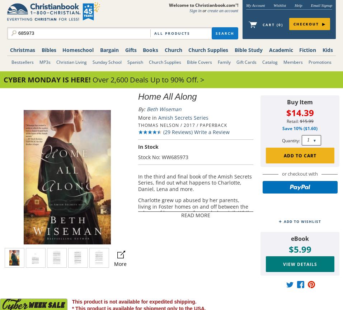 Image resolution: width=343 pixels, height=310 pixels. I want to click on 'Amish Secrets Series', so click(183, 118).